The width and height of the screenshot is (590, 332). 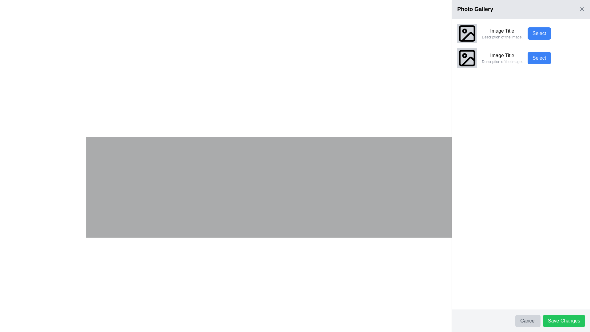 I want to click on the diagonal cross (X) icon located in the top-right corner of the interface, which is part of an SVG element with the 'lucide' class, so click(x=582, y=9).